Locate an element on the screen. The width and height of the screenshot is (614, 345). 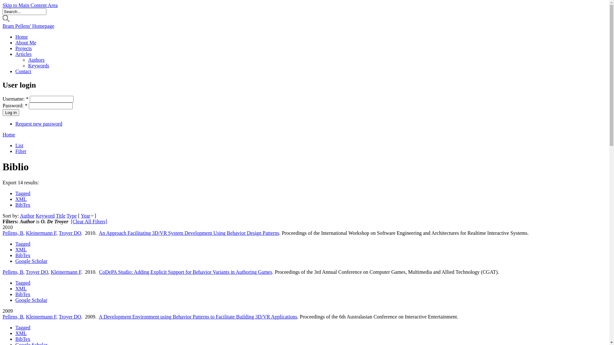
'Enter the terms you wish to search for.' is located at coordinates (24, 11).